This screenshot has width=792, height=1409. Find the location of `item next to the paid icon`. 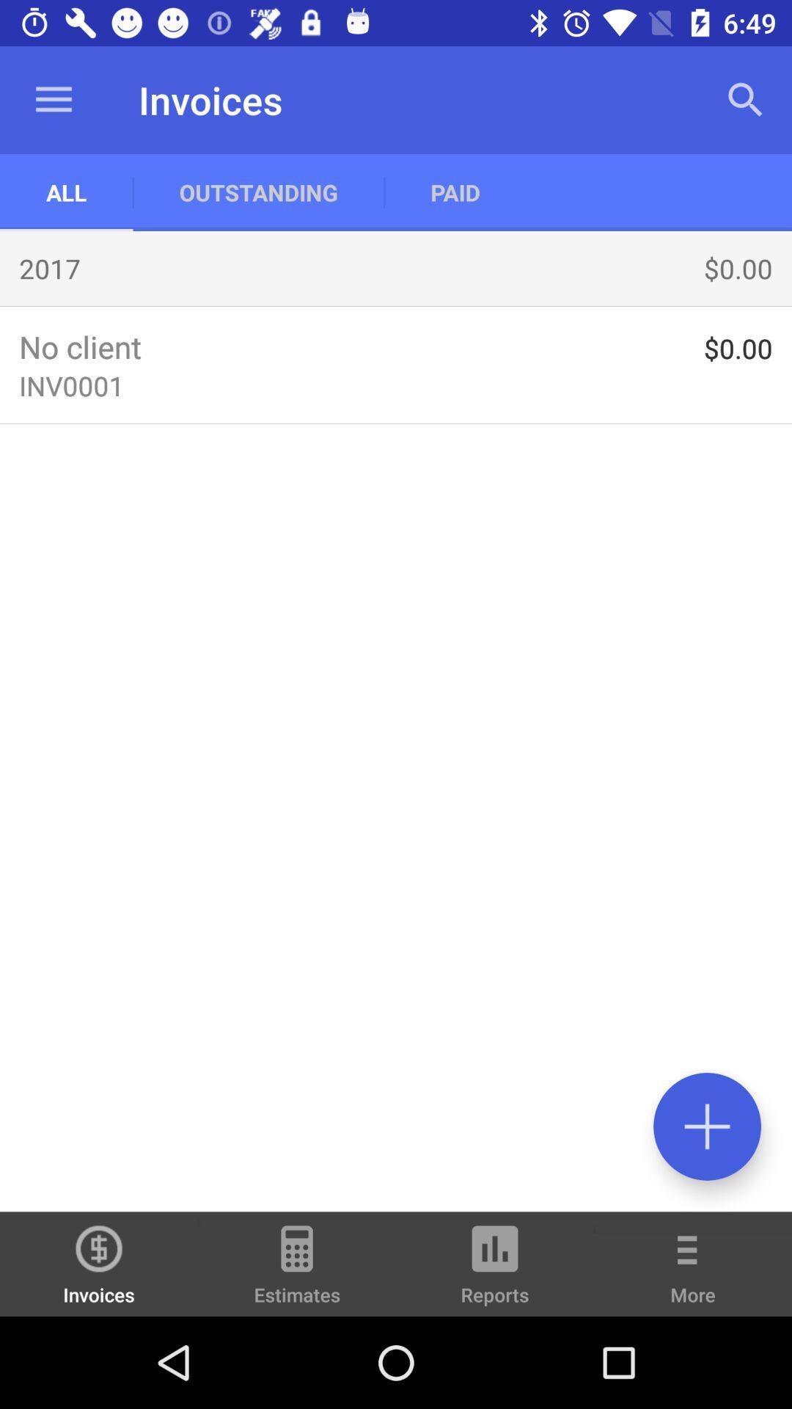

item next to the paid icon is located at coordinates (257, 192).